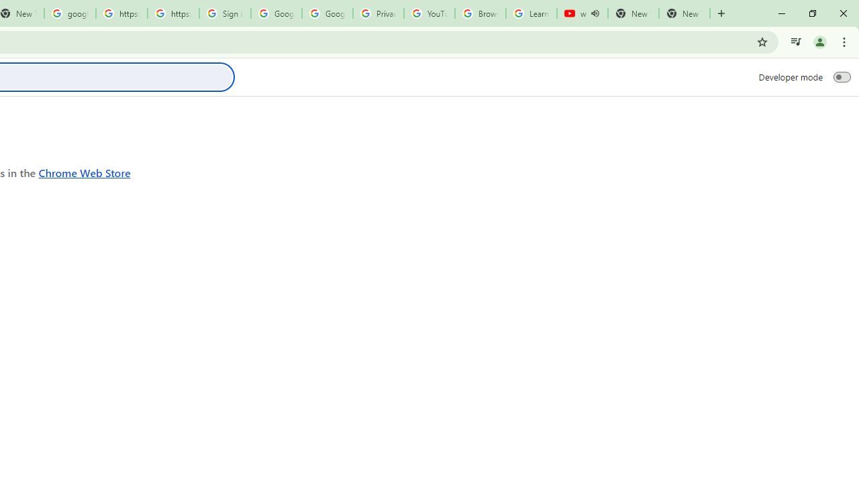 The width and height of the screenshot is (859, 483). I want to click on 'New Tab', so click(685, 13).